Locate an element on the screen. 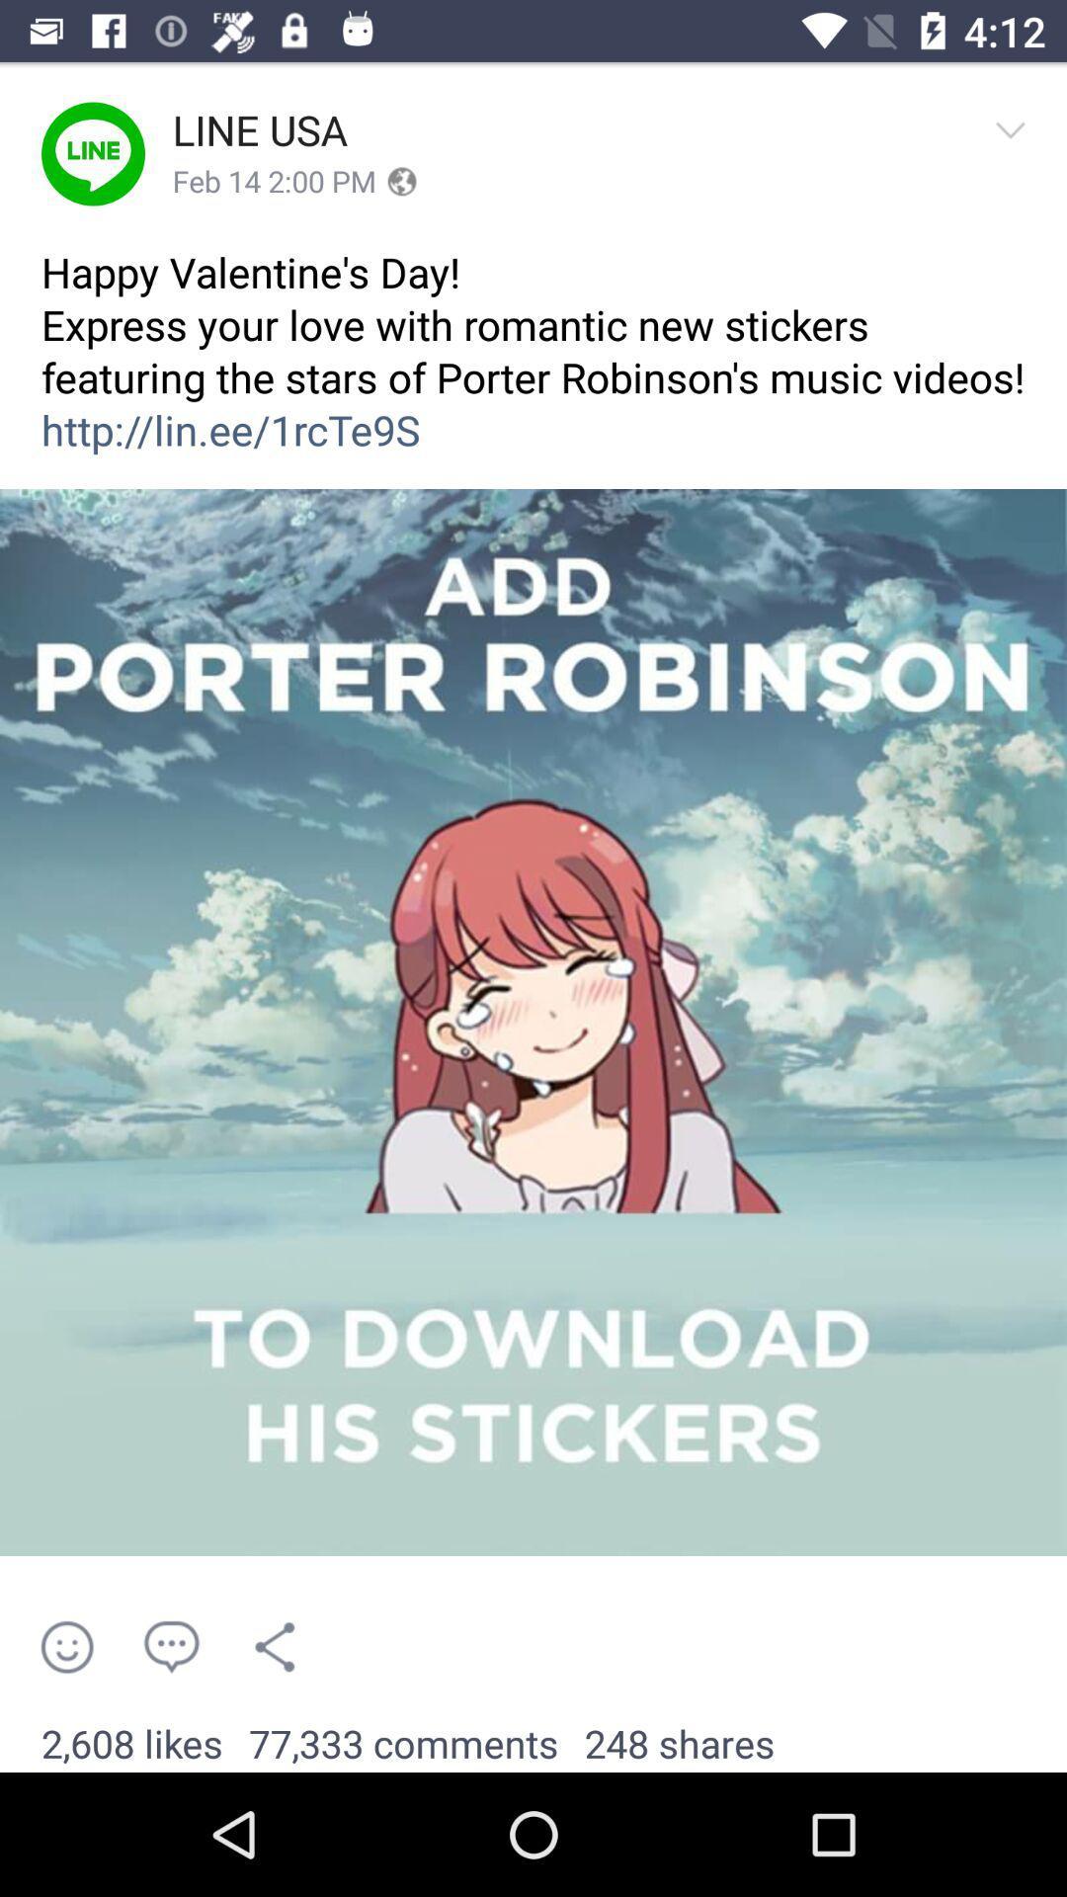 The image size is (1067, 1897). the item above 2,608 likes item is located at coordinates (66, 1647).